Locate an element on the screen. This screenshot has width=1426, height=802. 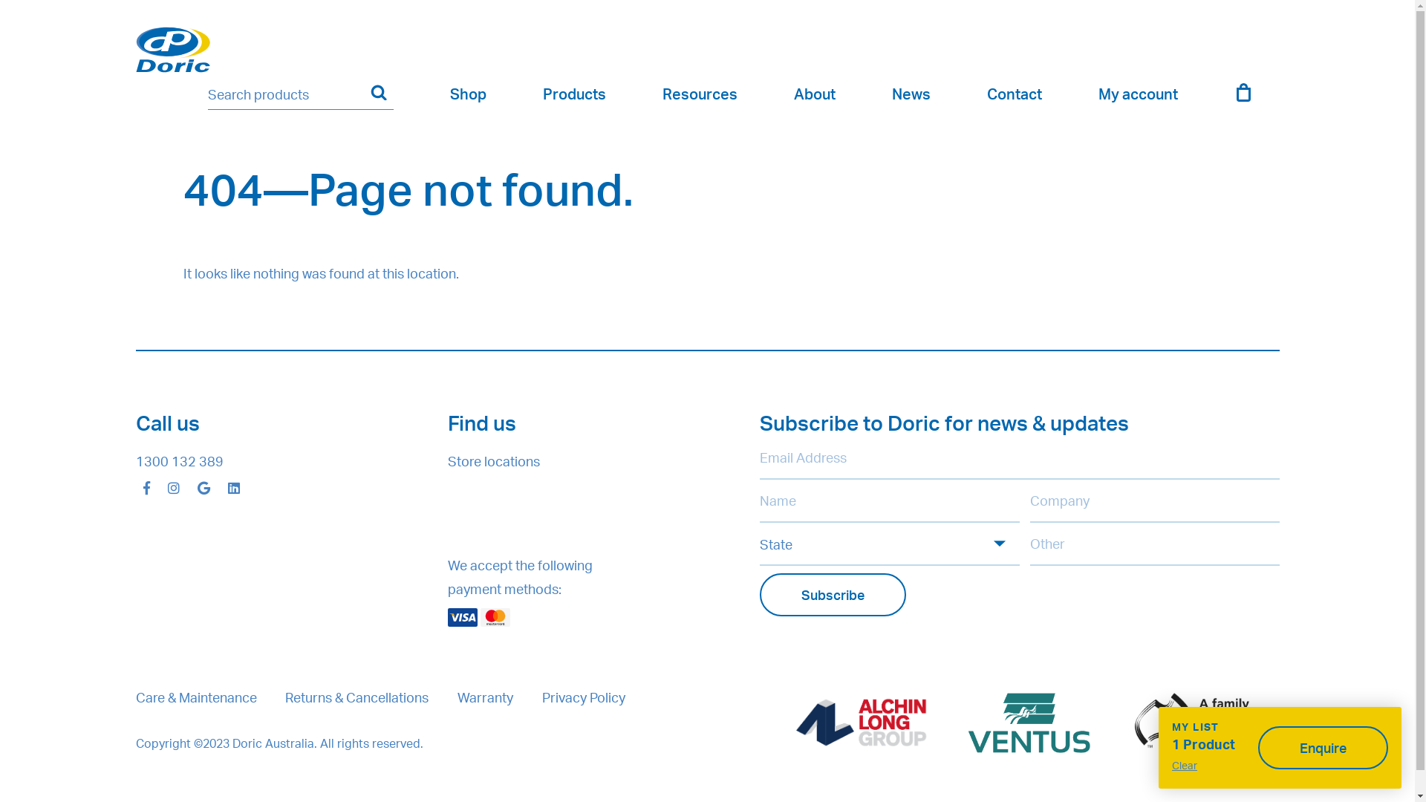
'Resources' is located at coordinates (699, 94).